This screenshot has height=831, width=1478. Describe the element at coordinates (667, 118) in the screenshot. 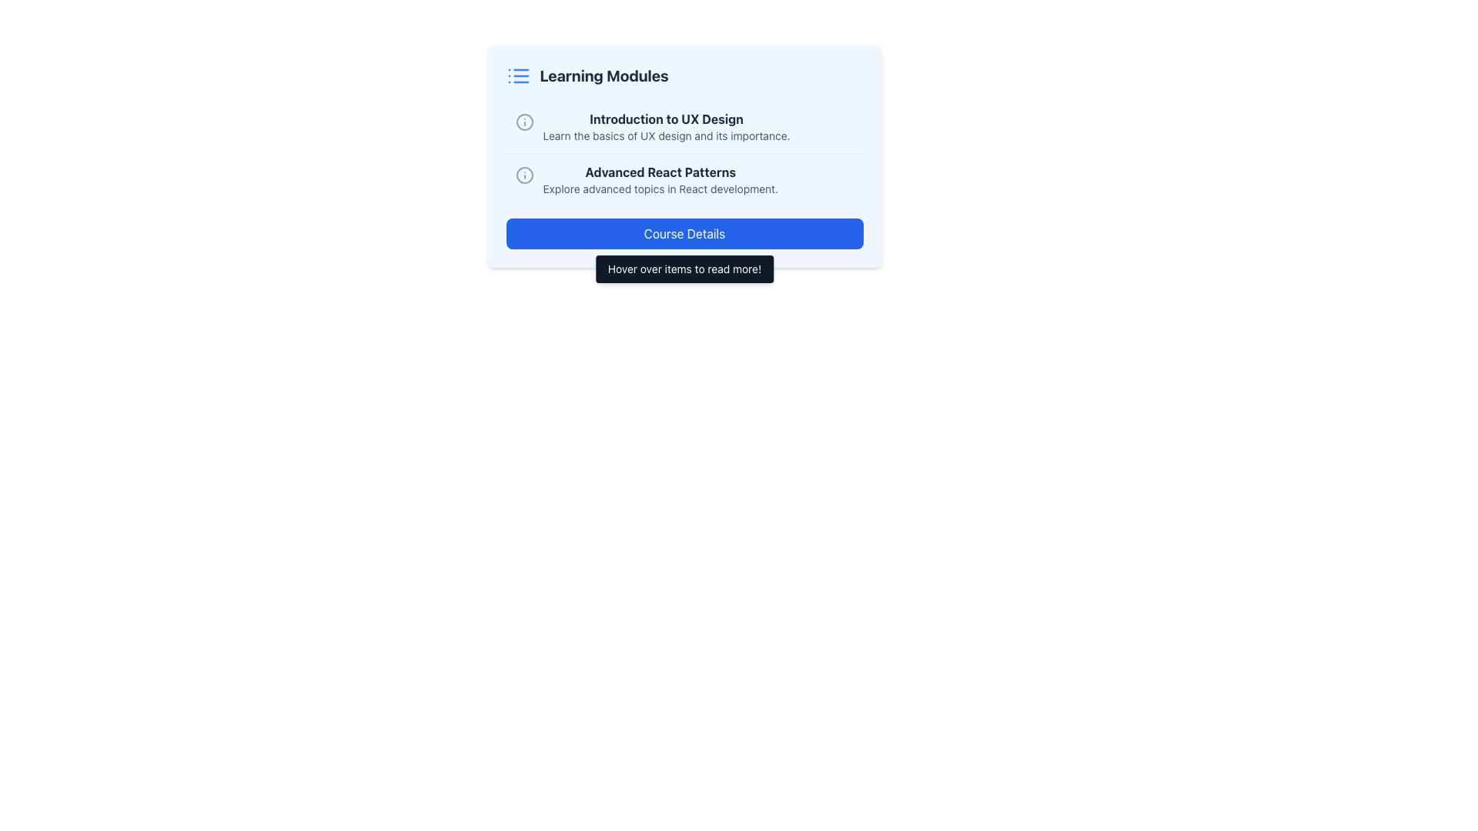

I see `text label 'Introduction to UX Design' that is styled with bold, medium-sized font and dark gray color, located in the 'Learning Modules' section above the descriptive text about UX design` at that location.